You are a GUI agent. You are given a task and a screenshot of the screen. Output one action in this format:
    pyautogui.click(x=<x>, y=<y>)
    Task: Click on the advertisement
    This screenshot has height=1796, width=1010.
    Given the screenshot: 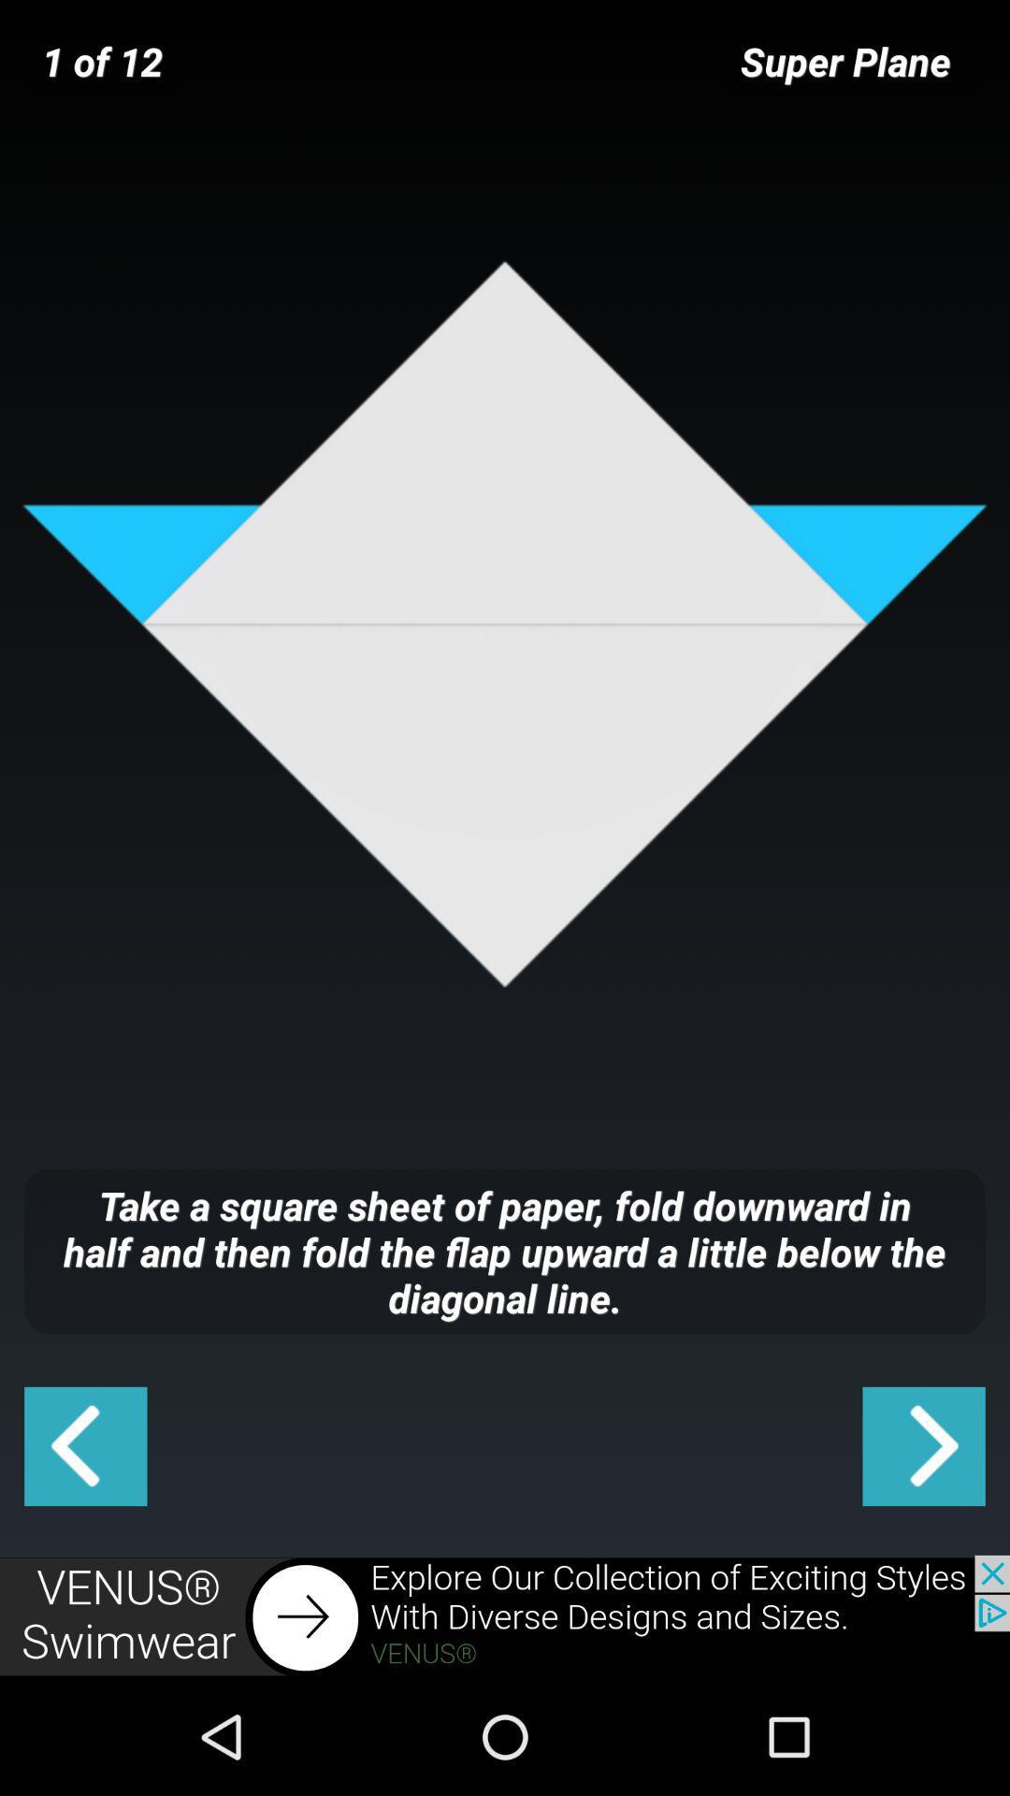 What is the action you would take?
    pyautogui.click(x=505, y=1615)
    